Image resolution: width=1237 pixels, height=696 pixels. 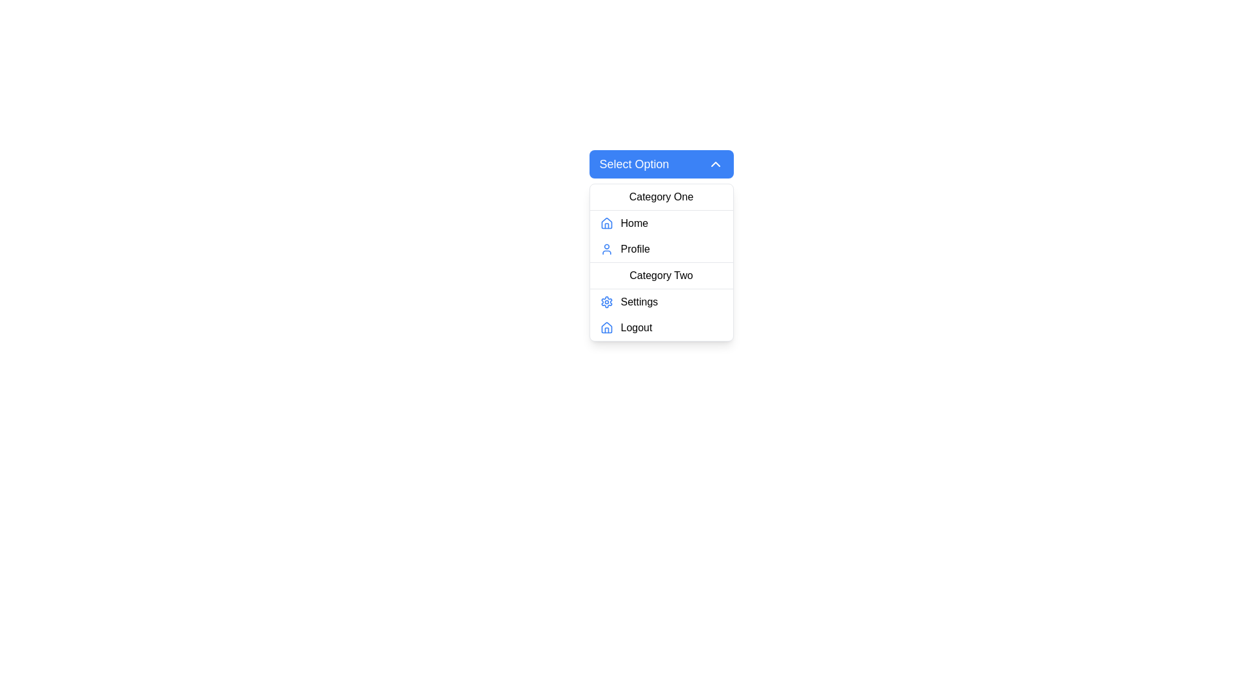 What do you see at coordinates (661, 163) in the screenshot?
I see `the dropdown toggle button labeled 'Select Option' with a blue background and white text` at bounding box center [661, 163].